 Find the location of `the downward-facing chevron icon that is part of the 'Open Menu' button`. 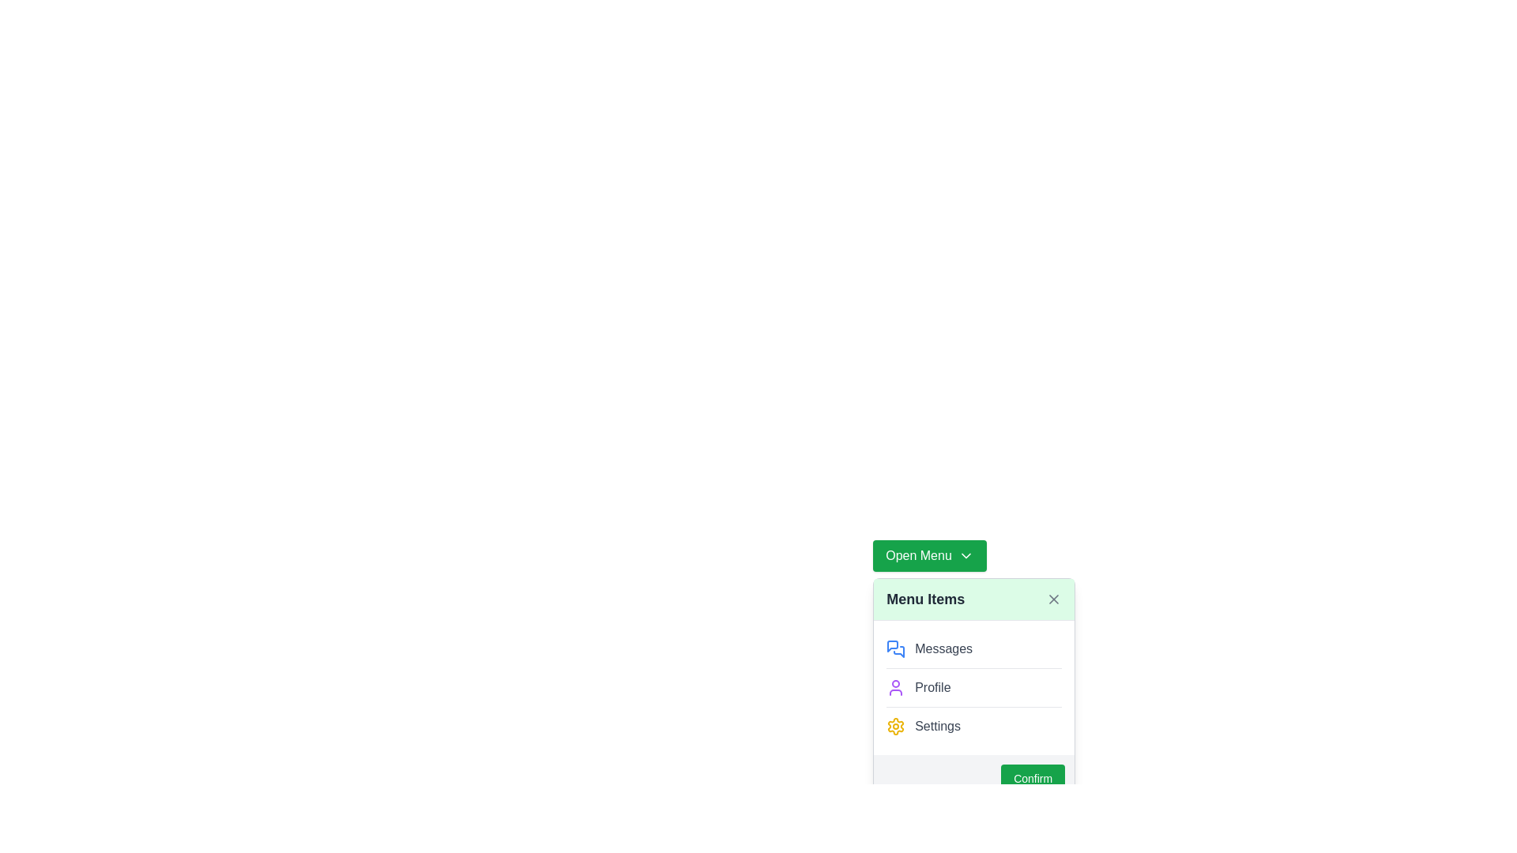

the downward-facing chevron icon that is part of the 'Open Menu' button is located at coordinates (965, 555).